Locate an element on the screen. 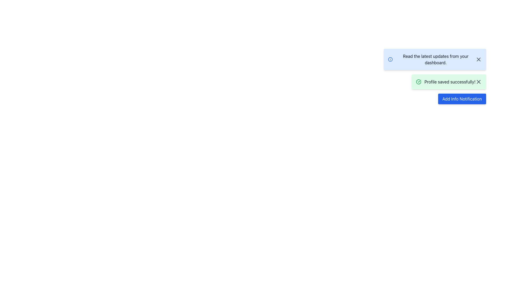 The height and width of the screenshot is (288, 512). text '[Read the latest updates from your dashboard.]' displayed in the light blue notification box is located at coordinates (435, 59).